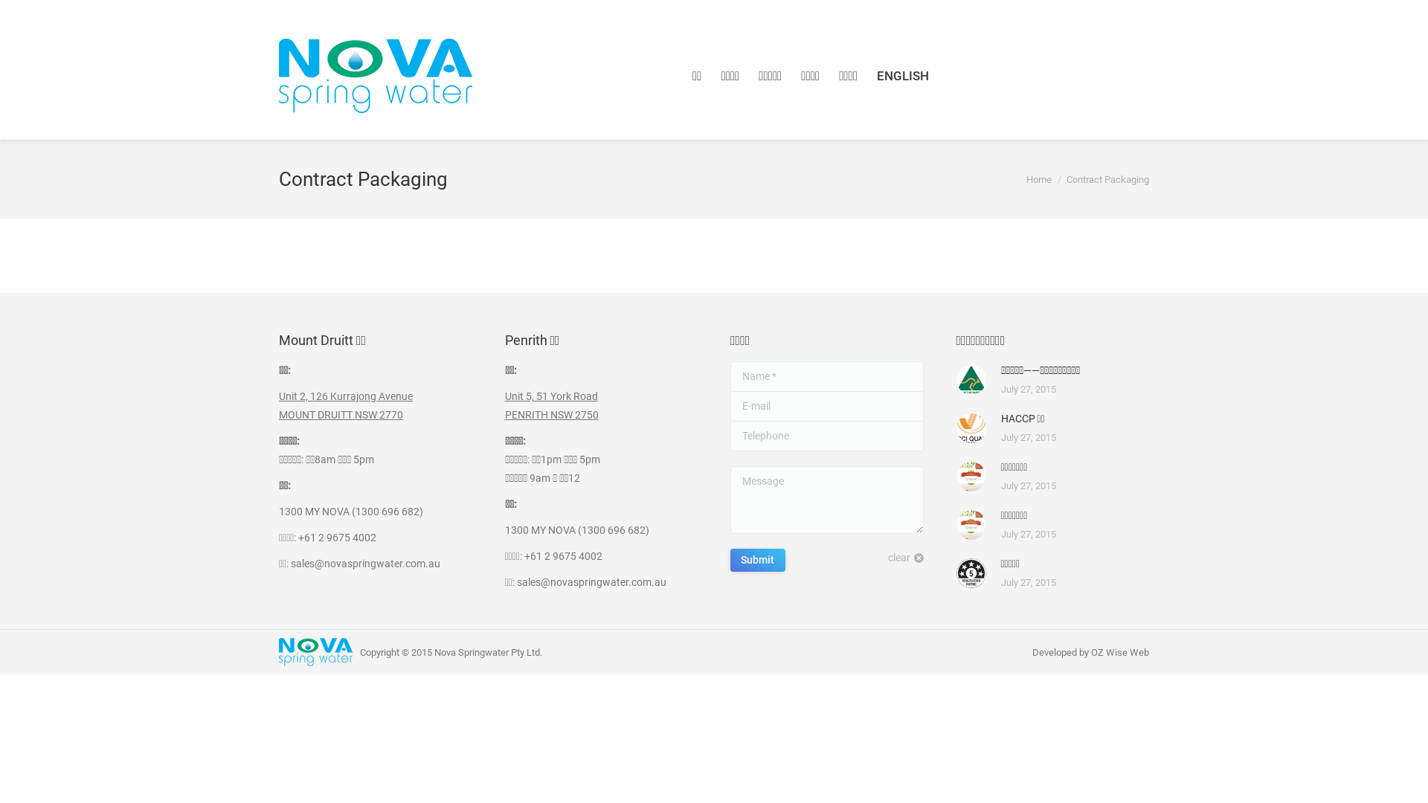 This screenshot has height=803, width=1428. I want to click on 'OZ Wise Web', so click(1120, 651).